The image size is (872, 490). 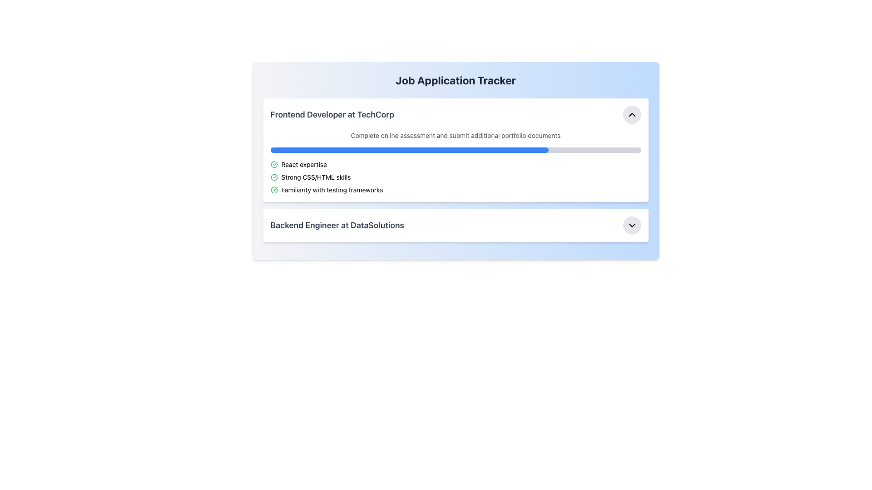 I want to click on the Progress Bar Indicator showing 75% completion for the 'Frontend Developer at TechCorp' job application, so click(x=409, y=150).